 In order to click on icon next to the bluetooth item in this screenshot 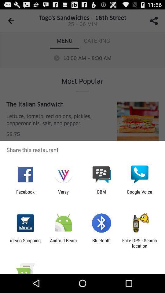, I will do `click(63, 243)`.